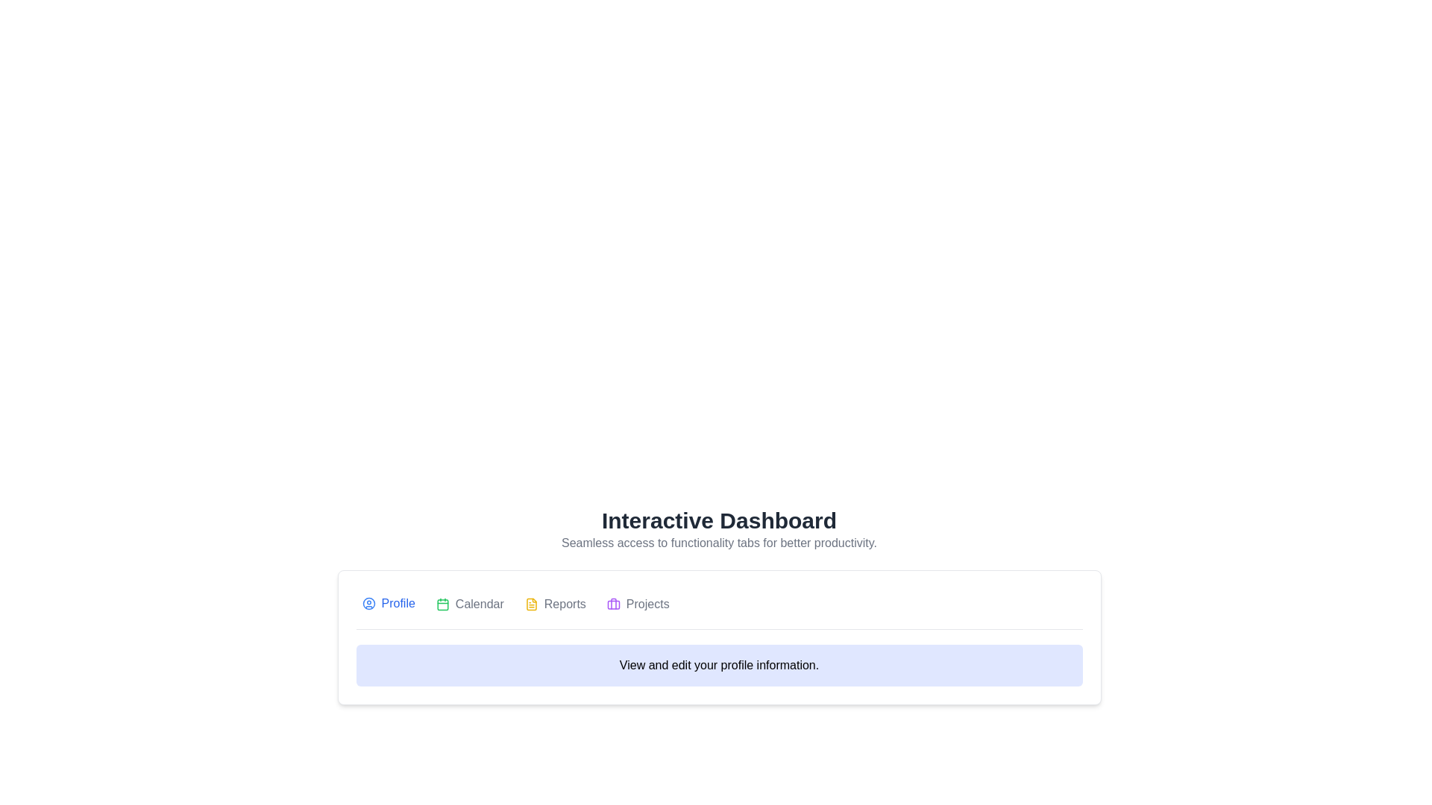  Describe the element at coordinates (442, 604) in the screenshot. I see `the calendar icon with a green outline, which is the second element in the horizontal navigation menu, located to the left of the 'Calendar' text` at that location.